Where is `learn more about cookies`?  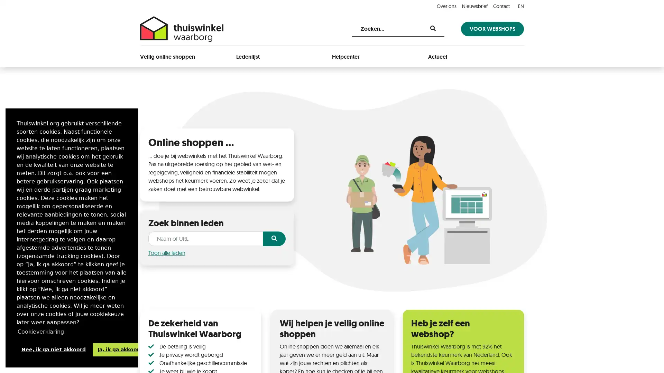
learn more about cookies is located at coordinates (40, 331).